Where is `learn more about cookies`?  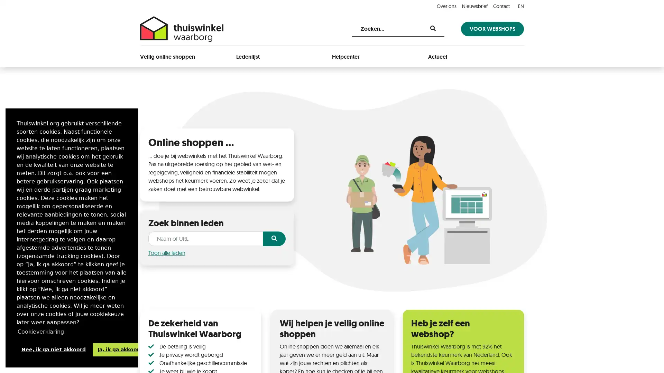
learn more about cookies is located at coordinates (40, 331).